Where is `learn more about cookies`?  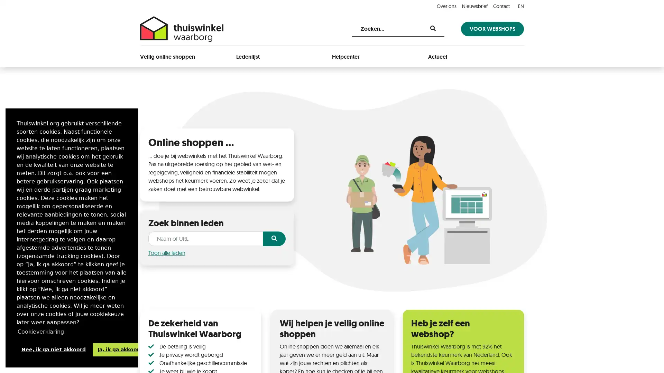
learn more about cookies is located at coordinates (40, 331).